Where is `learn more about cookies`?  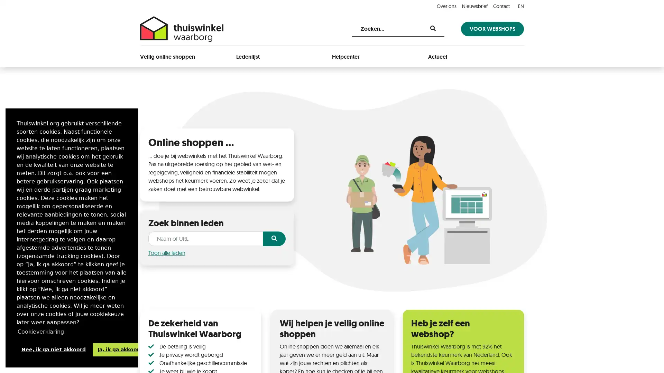
learn more about cookies is located at coordinates (40, 331).